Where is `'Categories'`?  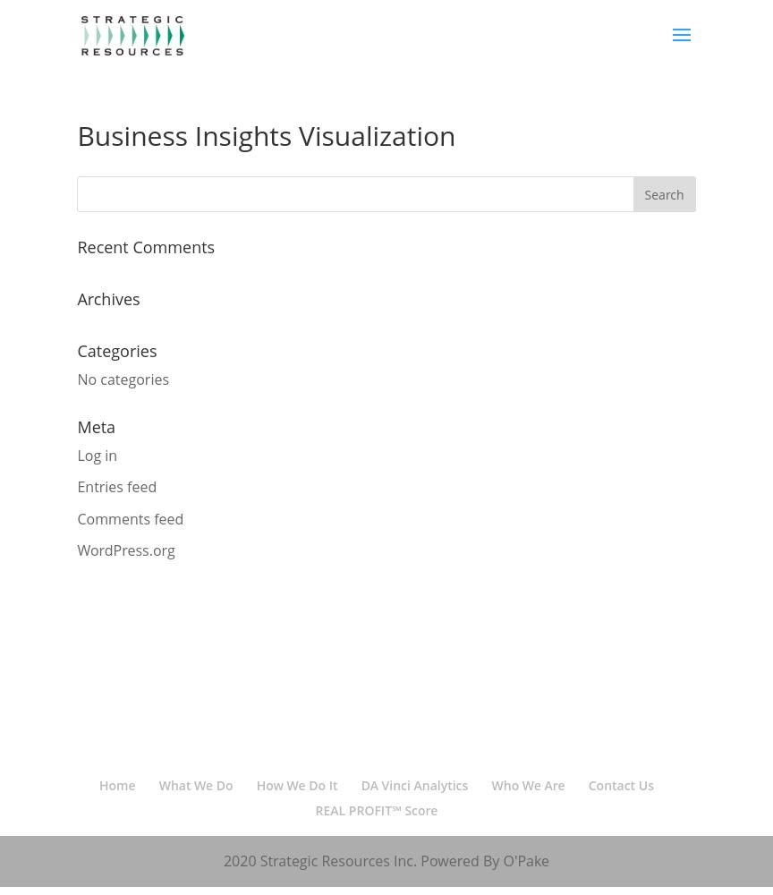
'Categories' is located at coordinates (115, 351).